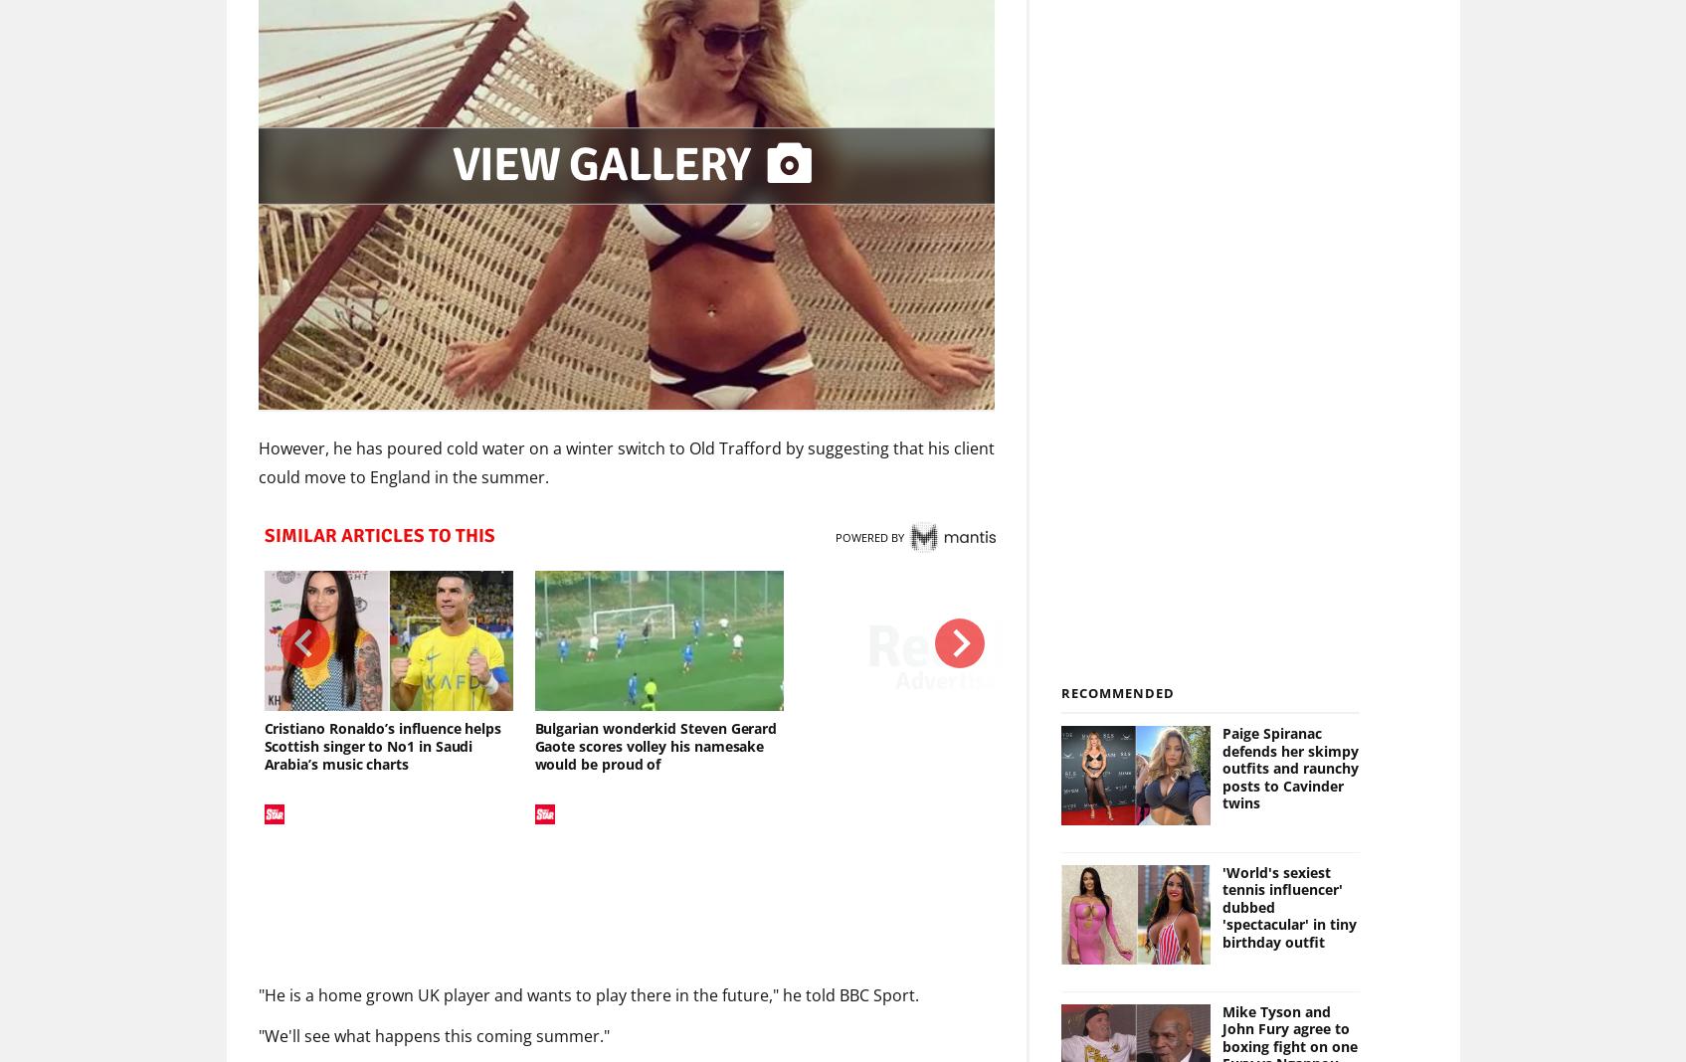 The height and width of the screenshot is (1062, 1686). I want to click on '12', so click(1173, 814).